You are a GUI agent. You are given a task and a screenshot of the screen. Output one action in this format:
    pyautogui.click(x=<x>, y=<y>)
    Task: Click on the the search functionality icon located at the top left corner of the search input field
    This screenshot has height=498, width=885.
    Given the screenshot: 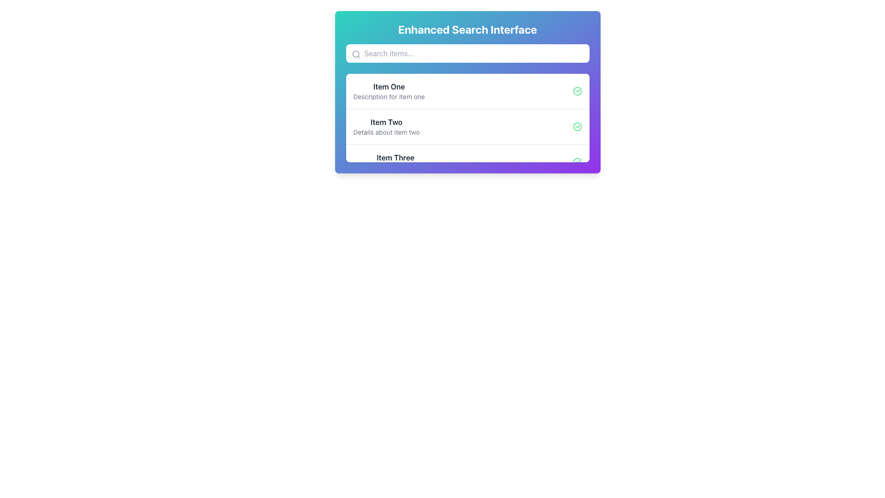 What is the action you would take?
    pyautogui.click(x=355, y=54)
    